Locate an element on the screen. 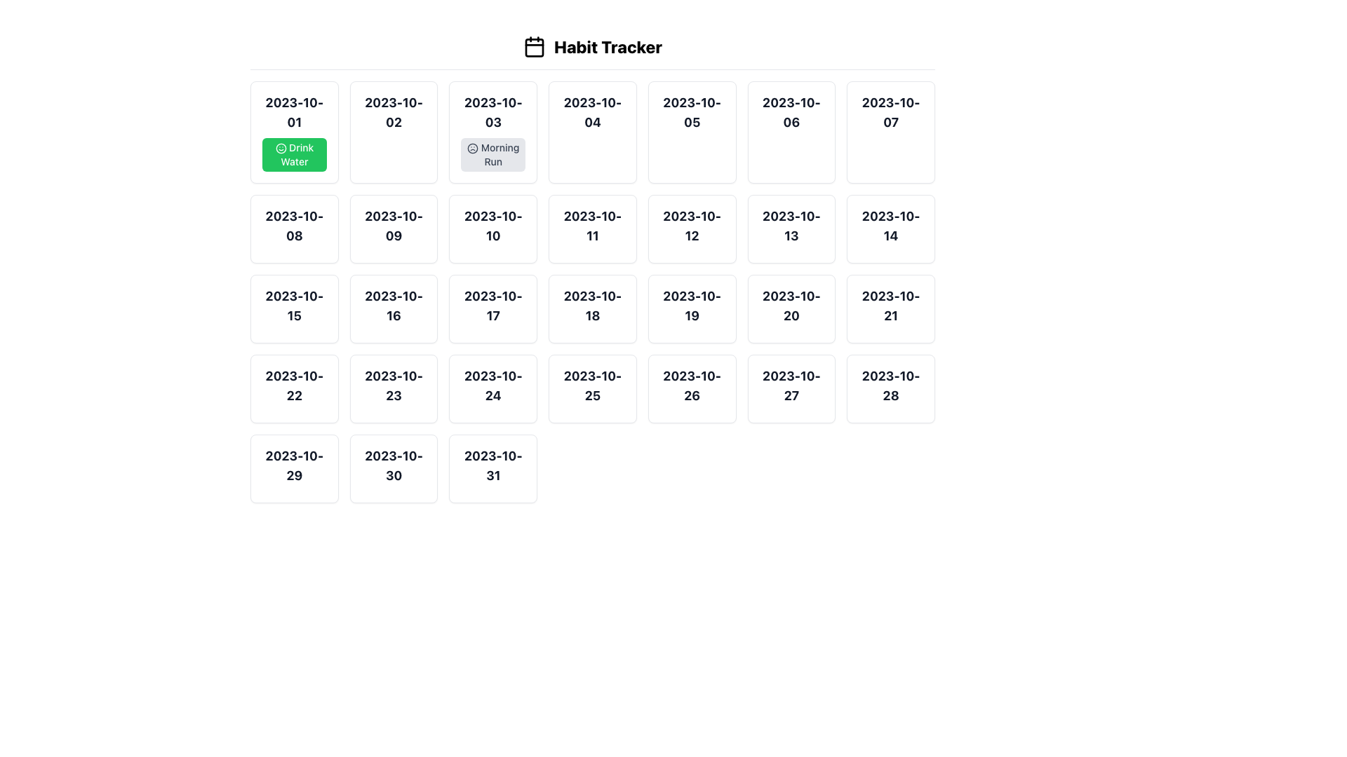 The image size is (1347, 757). the box containing the date '2023-10-10' in the habit tracker application is located at coordinates (493, 229).